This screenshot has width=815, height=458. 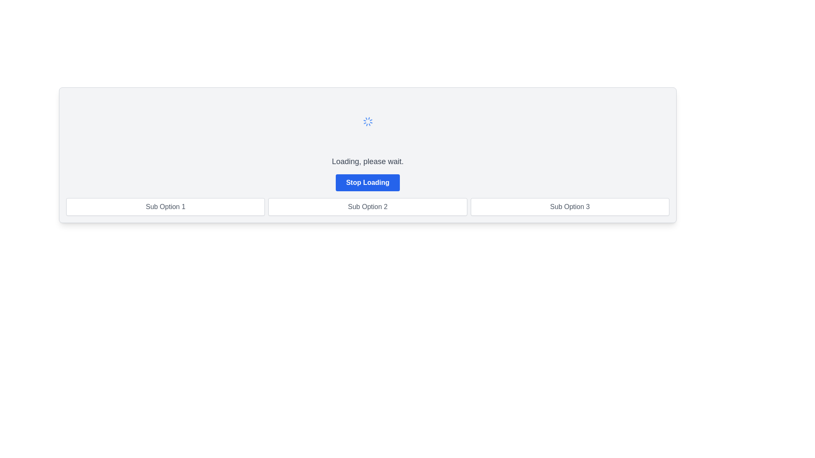 What do you see at coordinates (570, 207) in the screenshot?
I see `the non-interactive placeholder button labeled 'Sub Option 3', which is the third button in a group of three horizontally aligned buttons` at bounding box center [570, 207].